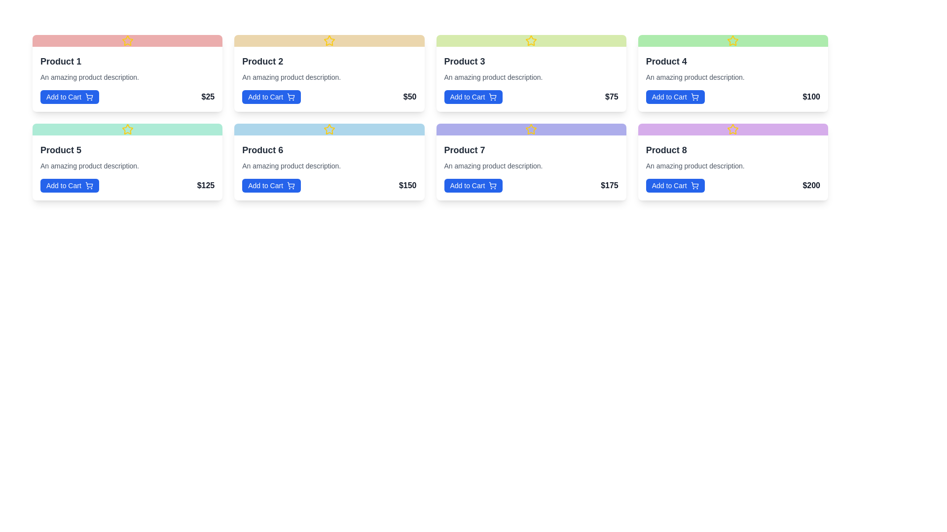  I want to click on the shopping cart icon located to the right of the 'Add to Cart' button for 'Product 6' in the product card grid layout, so click(291, 186).